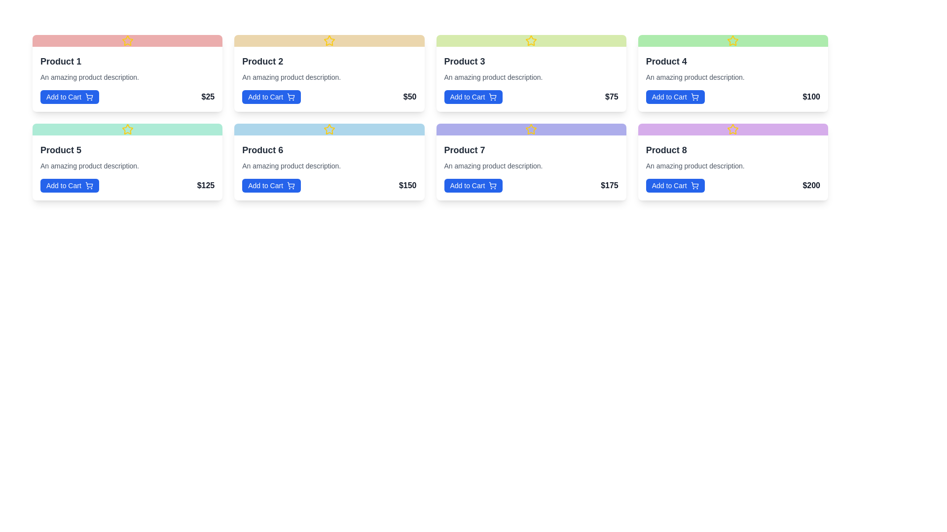  I want to click on the shopping cart icon located to the right of the 'Add to Cart' button for 'Product 6' in the product card grid layout, so click(291, 186).